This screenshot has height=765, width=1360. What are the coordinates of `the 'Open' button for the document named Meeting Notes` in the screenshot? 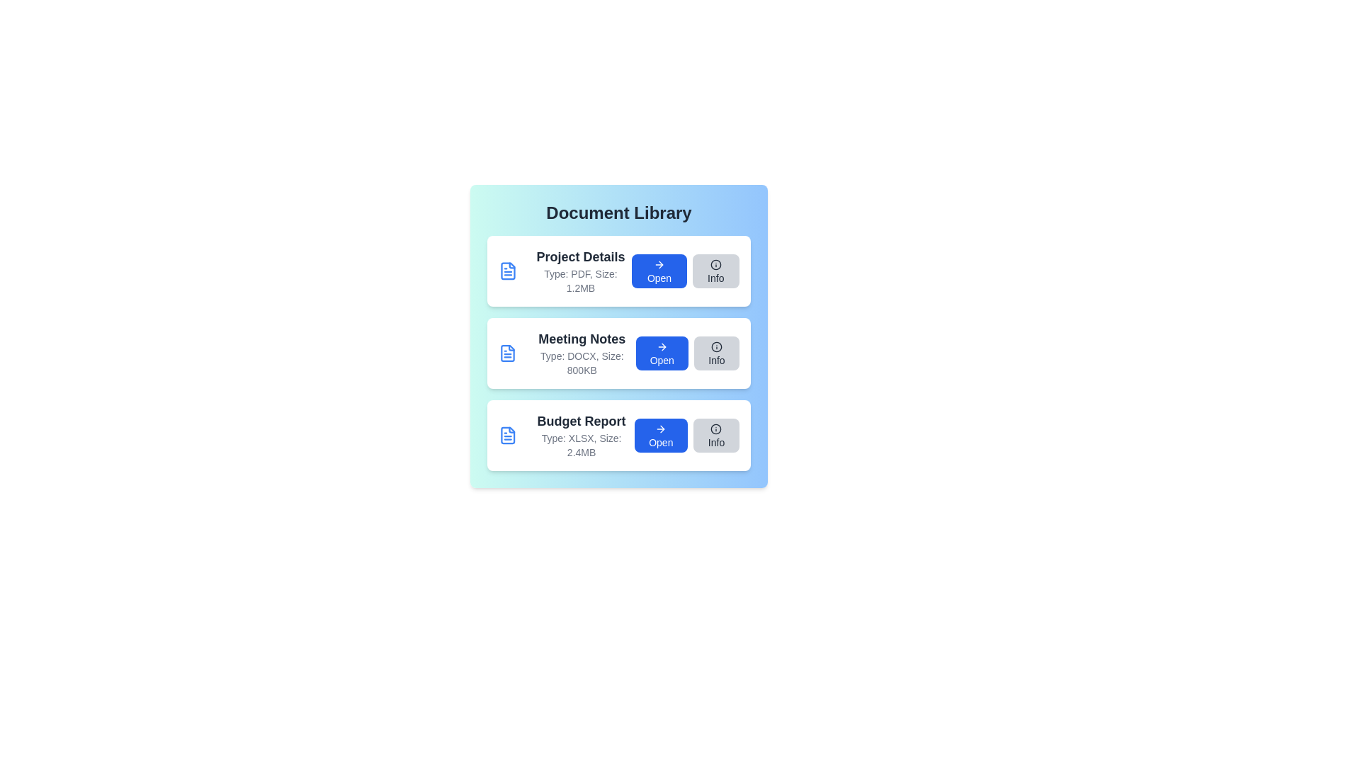 It's located at (662, 352).